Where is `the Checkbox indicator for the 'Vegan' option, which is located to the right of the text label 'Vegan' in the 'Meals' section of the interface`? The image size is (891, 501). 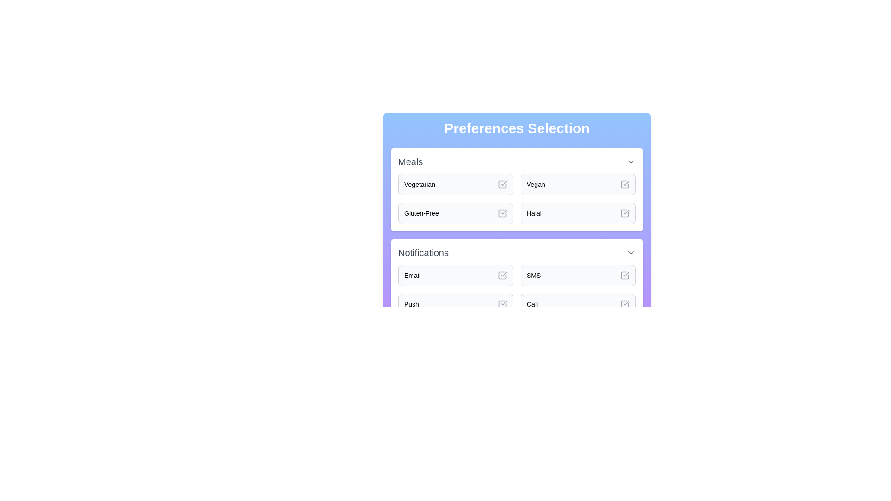 the Checkbox indicator for the 'Vegan' option, which is located to the right of the text label 'Vegan' in the 'Meals' section of the interface is located at coordinates (625, 184).